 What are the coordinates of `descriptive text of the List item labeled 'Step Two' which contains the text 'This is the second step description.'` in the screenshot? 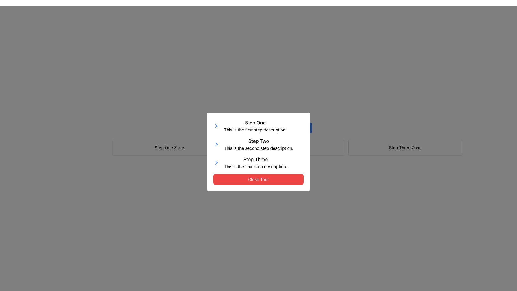 It's located at (258, 144).